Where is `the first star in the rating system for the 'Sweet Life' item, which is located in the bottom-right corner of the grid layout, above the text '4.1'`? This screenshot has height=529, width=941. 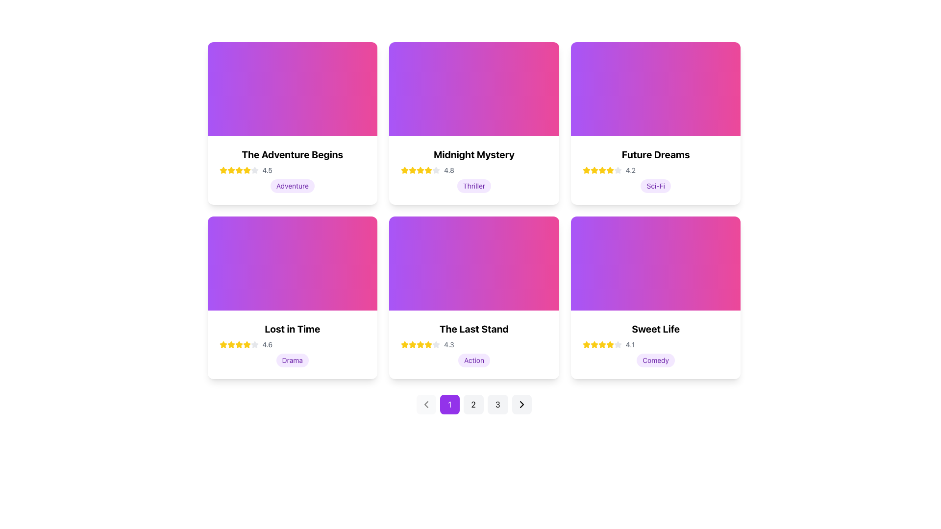 the first star in the rating system for the 'Sweet Life' item, which is located in the bottom-right corner of the grid layout, above the text '4.1' is located at coordinates (586, 344).